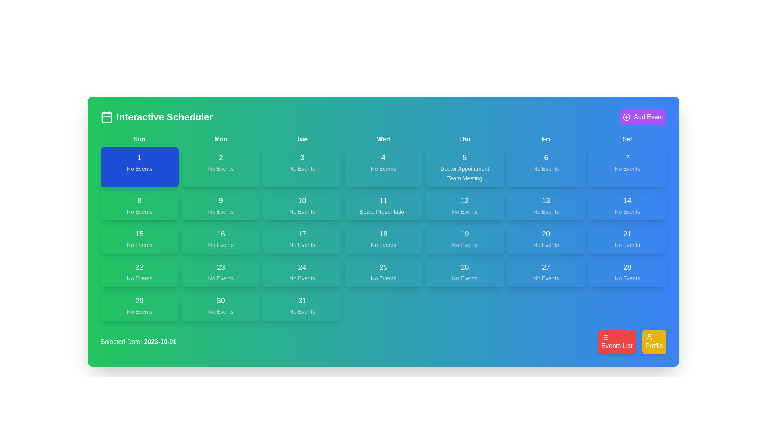 This screenshot has height=429, width=763. Describe the element at coordinates (465, 200) in the screenshot. I see `the displayed number '12' in the Text label located in the grid cell for 'Thursday, 12th', positioned in the 4th column and 2nd row of the calendar layout` at that location.